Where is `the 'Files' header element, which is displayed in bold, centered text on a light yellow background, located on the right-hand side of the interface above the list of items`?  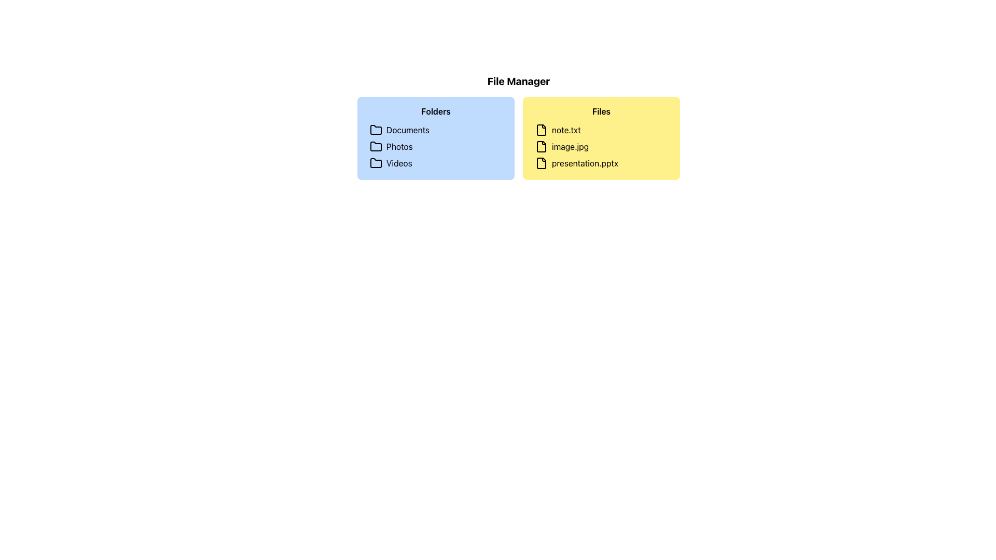
the 'Files' header element, which is displayed in bold, centered text on a light yellow background, located on the right-hand side of the interface above the list of items is located at coordinates (601, 111).